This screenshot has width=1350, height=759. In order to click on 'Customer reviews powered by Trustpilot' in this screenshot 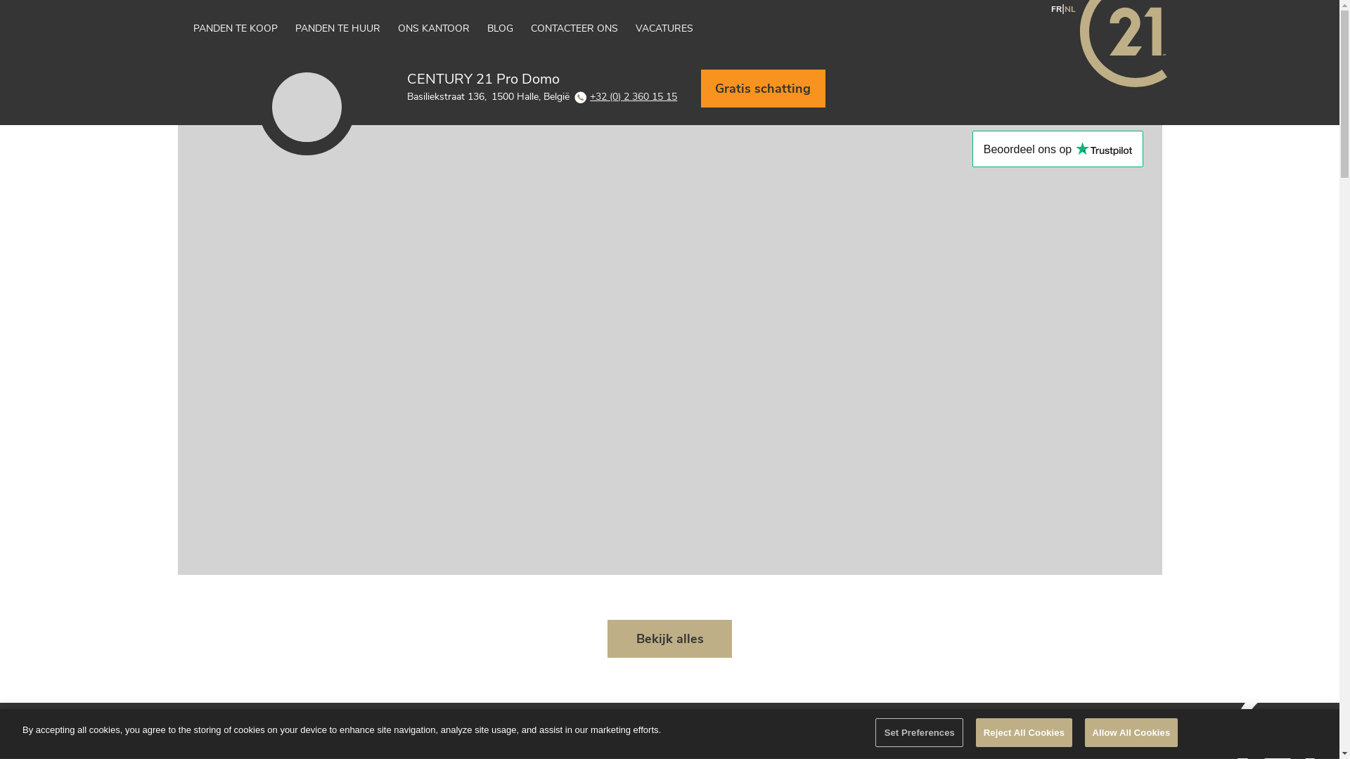, I will do `click(1057, 149)`.